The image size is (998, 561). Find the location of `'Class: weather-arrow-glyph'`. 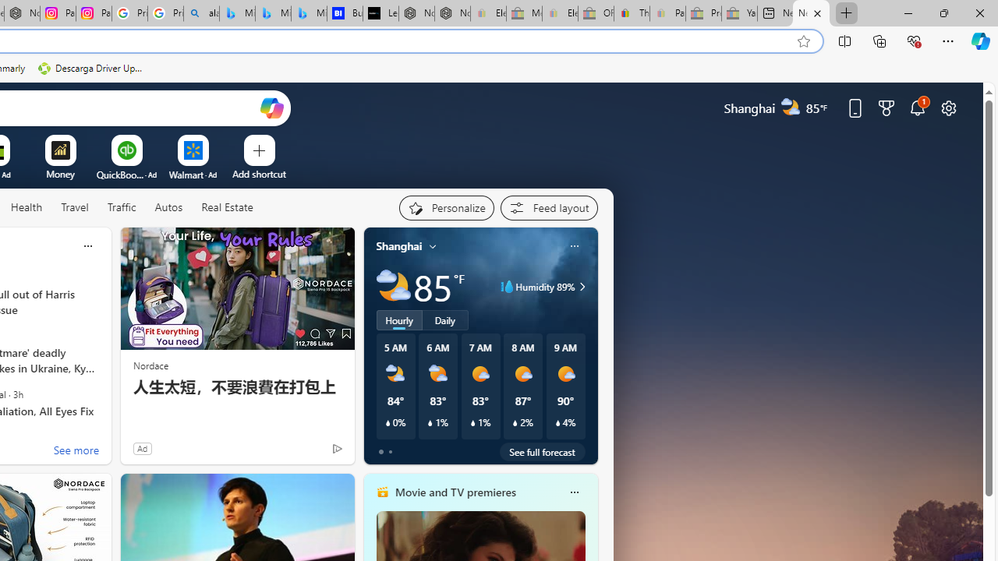

'Class: weather-arrow-glyph' is located at coordinates (581, 286).